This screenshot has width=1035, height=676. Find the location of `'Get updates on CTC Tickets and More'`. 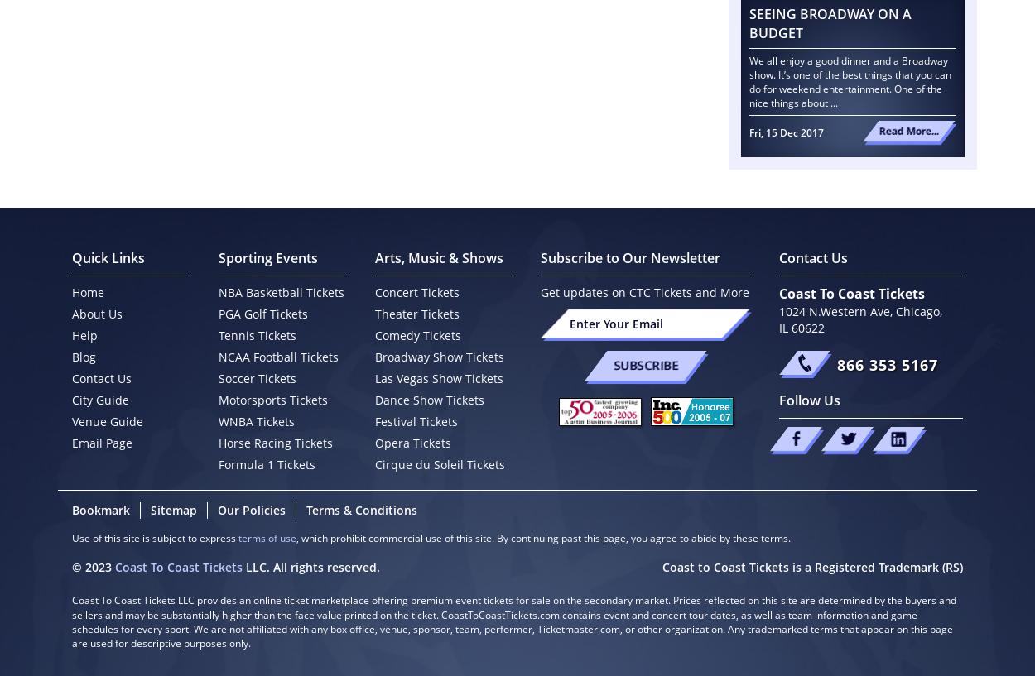

'Get updates on CTC Tickets and More' is located at coordinates (643, 291).